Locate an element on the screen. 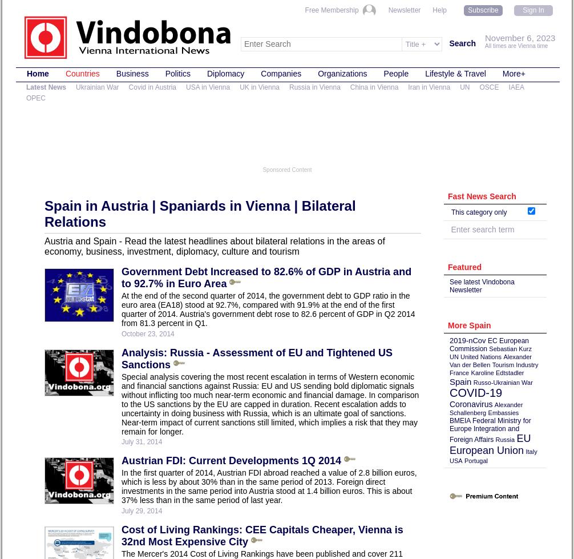 The height and width of the screenshot is (559, 574). 'July 31, 2014' is located at coordinates (142, 441).